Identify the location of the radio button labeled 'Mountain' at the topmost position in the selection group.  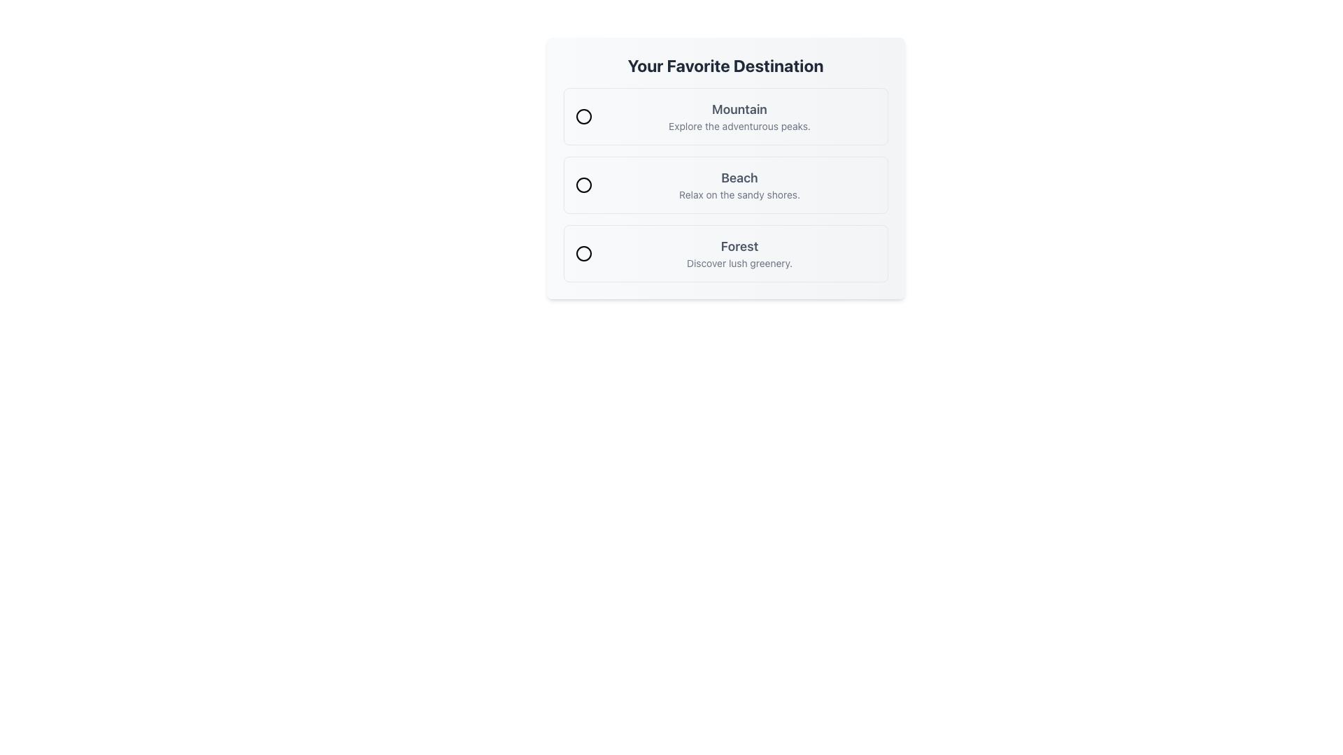
(583, 115).